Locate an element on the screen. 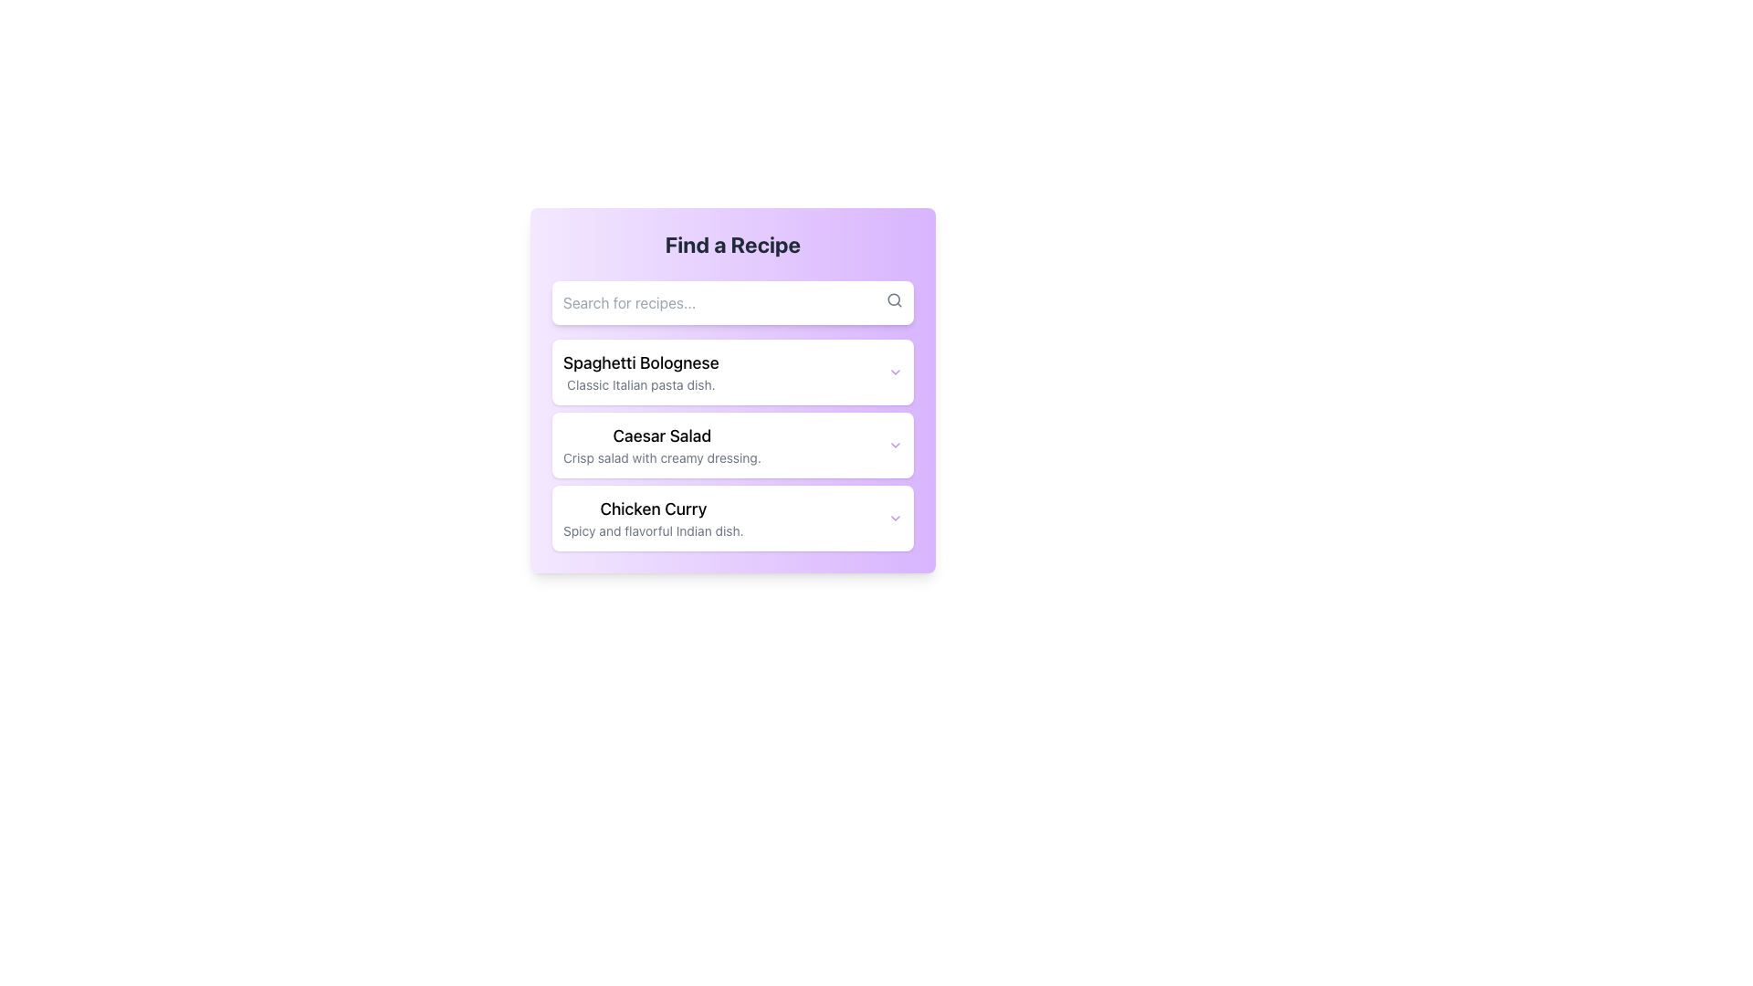 This screenshot has width=1753, height=986. the text label displaying 'Crisp salad with creamy dressing.' positioned beneath 'Caesar Salad' in the card layout is located at coordinates (661, 456).